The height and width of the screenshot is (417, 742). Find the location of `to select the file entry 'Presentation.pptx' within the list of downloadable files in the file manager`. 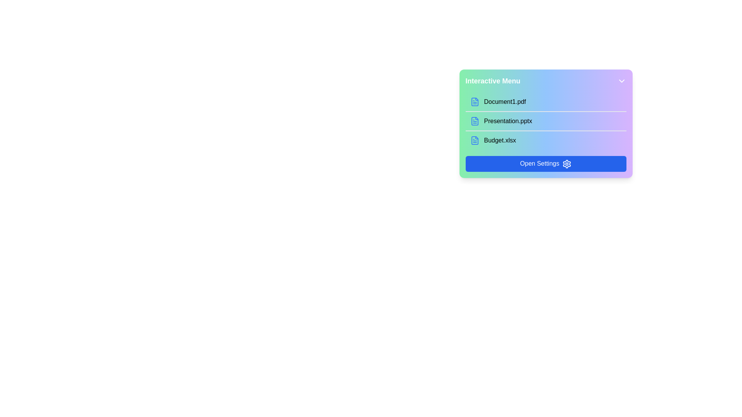

to select the file entry 'Presentation.pptx' within the list of downloadable files in the file manager is located at coordinates (545, 121).